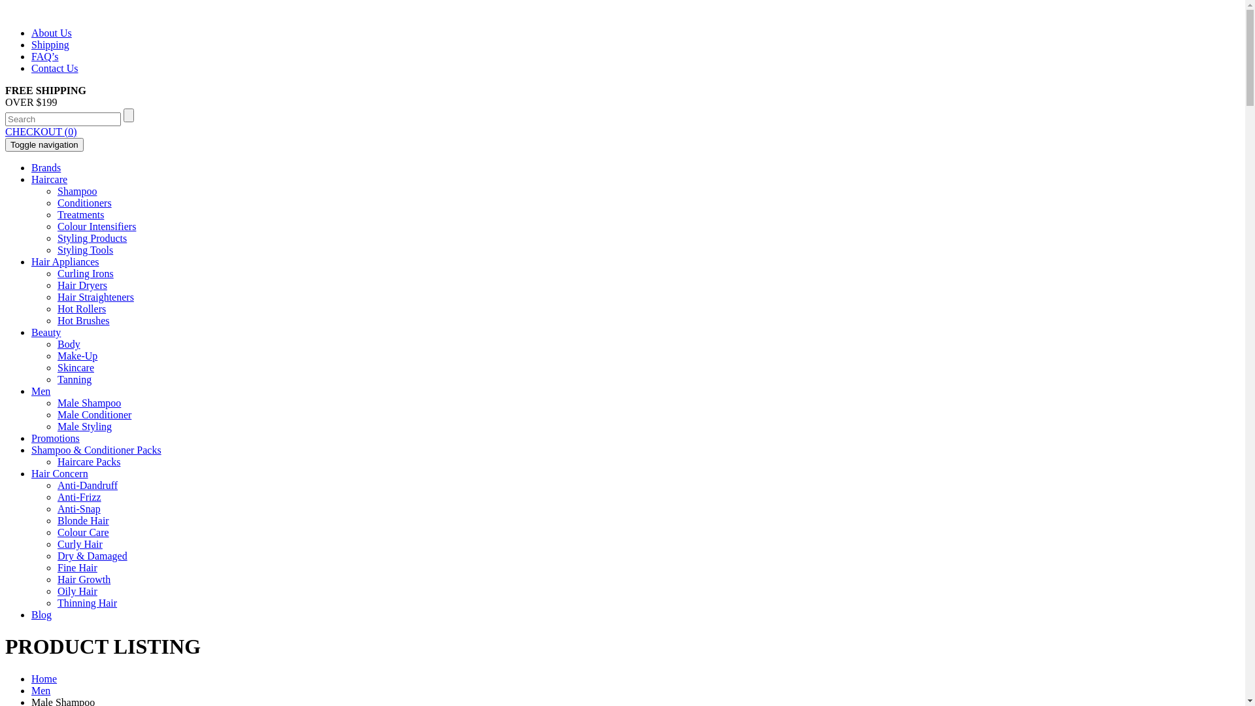  What do you see at coordinates (87, 485) in the screenshot?
I see `'Anti-Dandruff'` at bounding box center [87, 485].